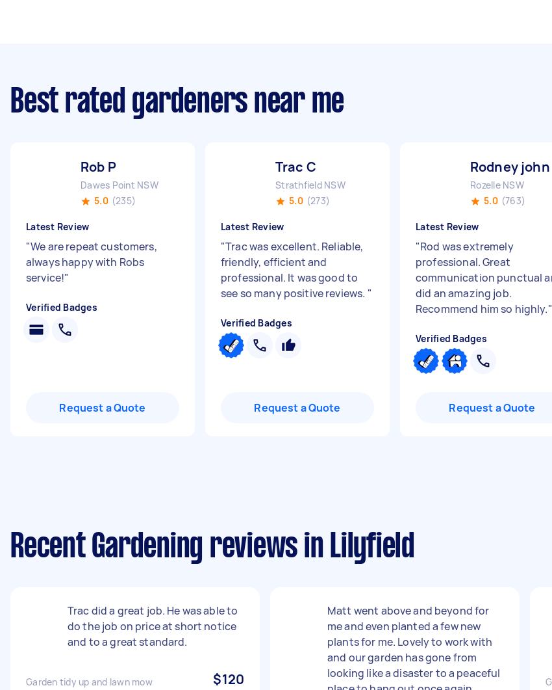 This screenshot has width=552, height=690. I want to click on 'Trac was excellent. Reliable, friendly, efficient and professional. It was good to see so many positive reviews.', so click(293, 269).